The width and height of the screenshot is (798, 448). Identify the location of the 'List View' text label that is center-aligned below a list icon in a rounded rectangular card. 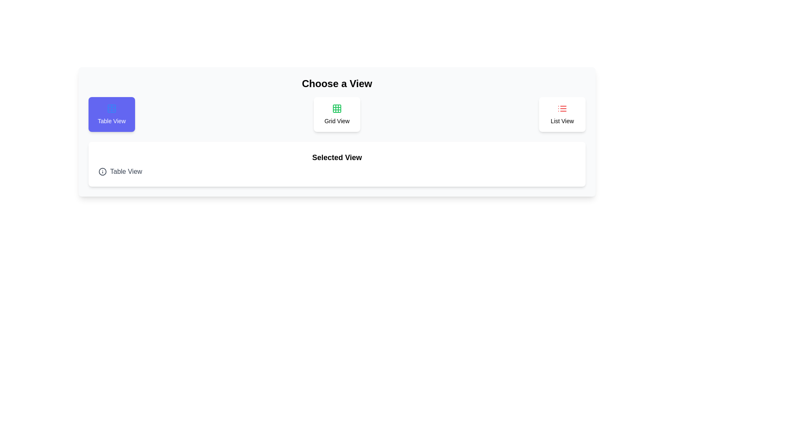
(562, 121).